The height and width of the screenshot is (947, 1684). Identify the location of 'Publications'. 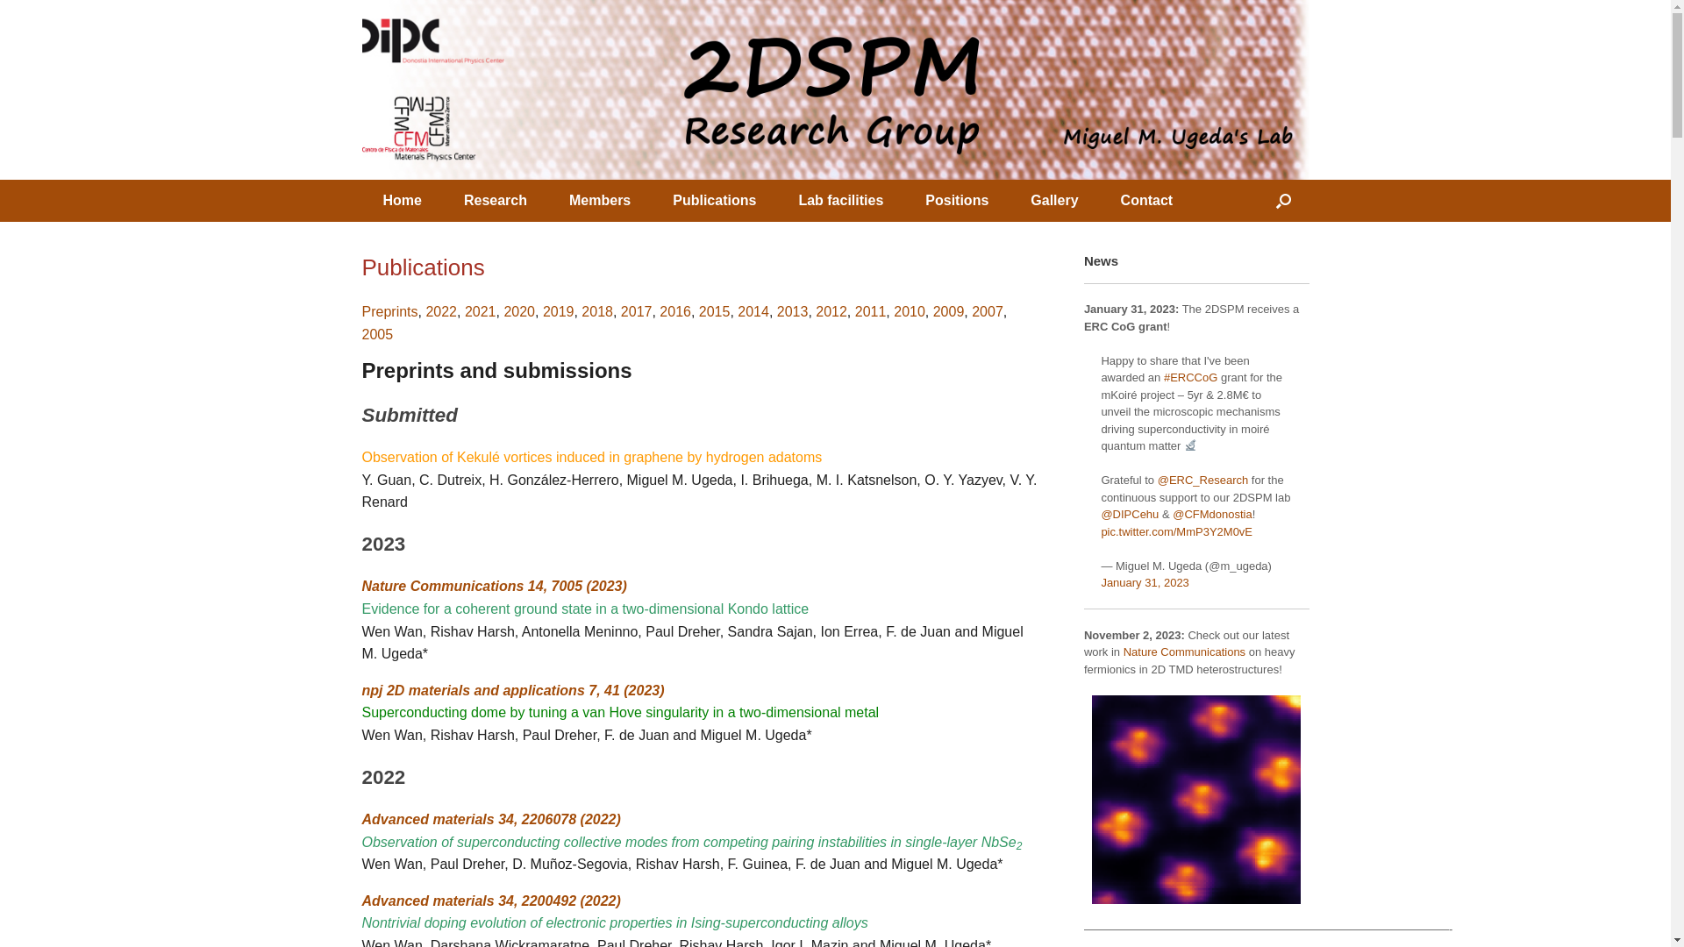
(714, 199).